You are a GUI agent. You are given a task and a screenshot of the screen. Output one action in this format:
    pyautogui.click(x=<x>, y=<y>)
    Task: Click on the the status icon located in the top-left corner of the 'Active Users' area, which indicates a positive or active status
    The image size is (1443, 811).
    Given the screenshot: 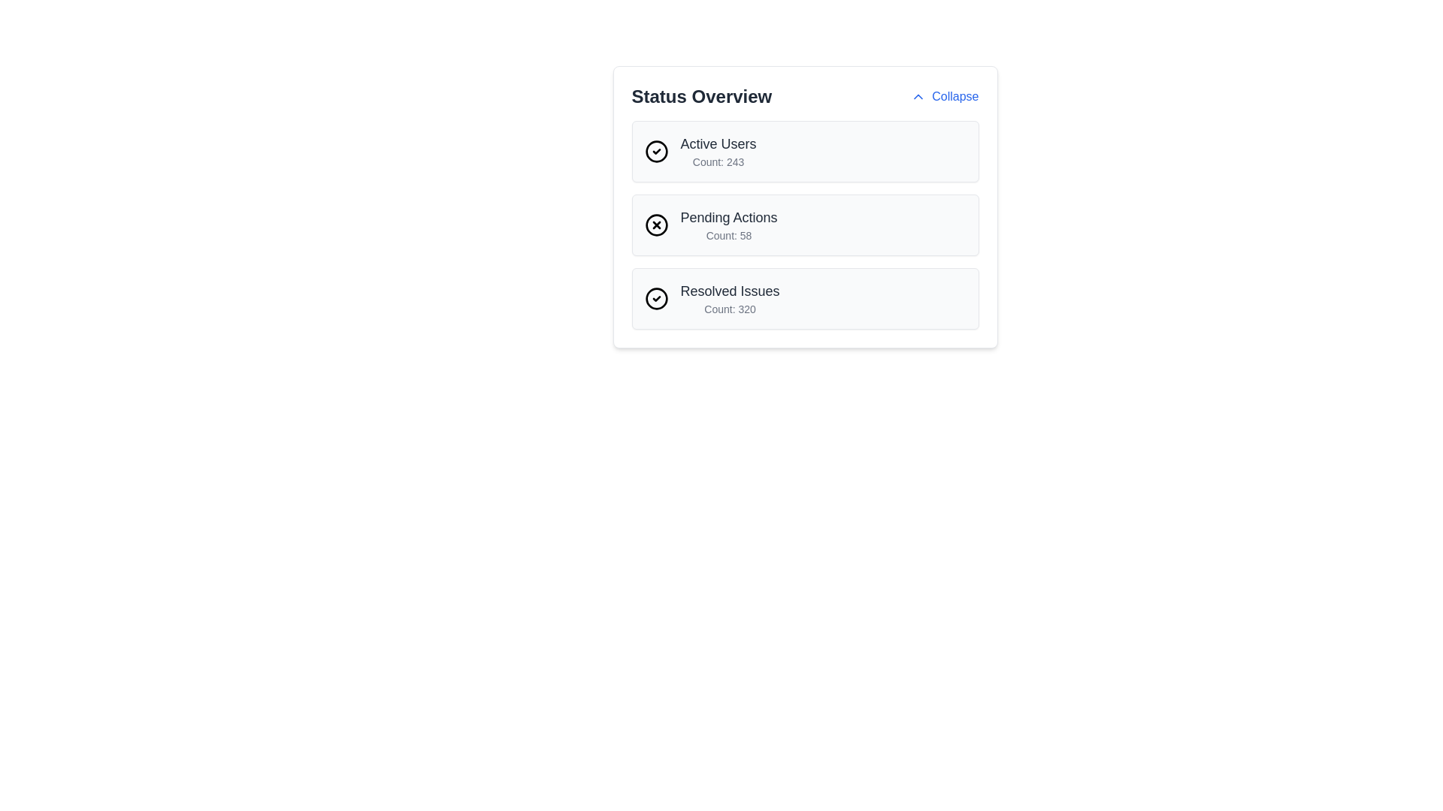 What is the action you would take?
    pyautogui.click(x=656, y=151)
    